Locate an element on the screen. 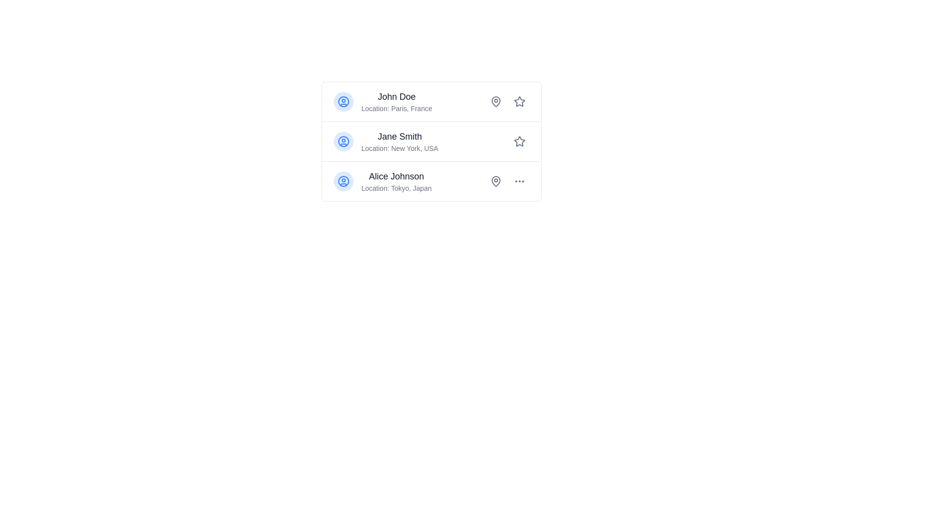 This screenshot has width=944, height=531. the circular user profile icon with a light blue background and blue outline, located to the left of the 'John Doe' text is located at coordinates (344, 102).